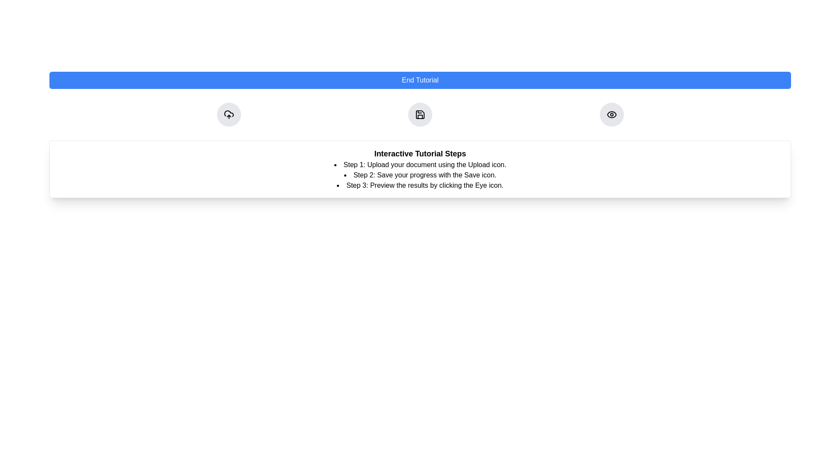  I want to click on each icon within the Icon Group located below the 'End Tutorial' button and above 'Interactive Tutorial Steps', so click(420, 114).